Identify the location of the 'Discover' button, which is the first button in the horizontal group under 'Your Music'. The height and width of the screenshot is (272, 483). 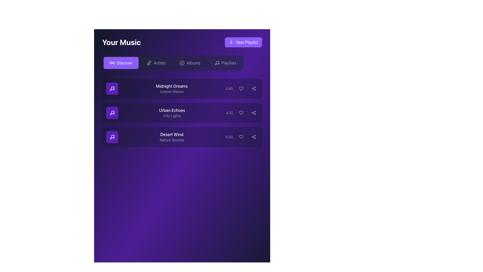
(121, 63).